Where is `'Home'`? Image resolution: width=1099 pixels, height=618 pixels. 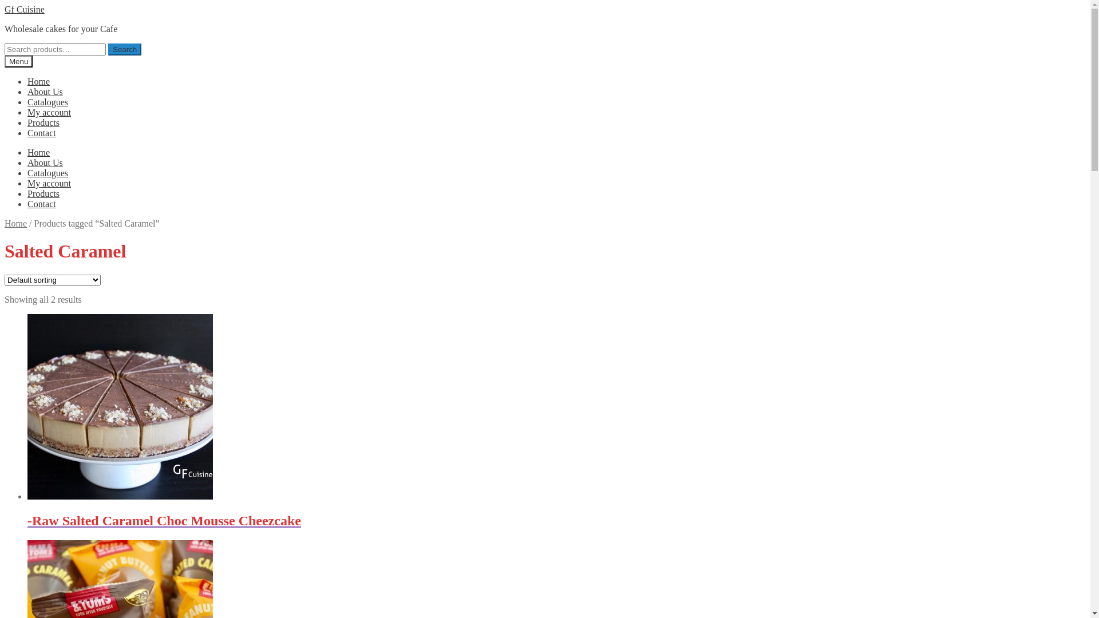 'Home' is located at coordinates (15, 223).